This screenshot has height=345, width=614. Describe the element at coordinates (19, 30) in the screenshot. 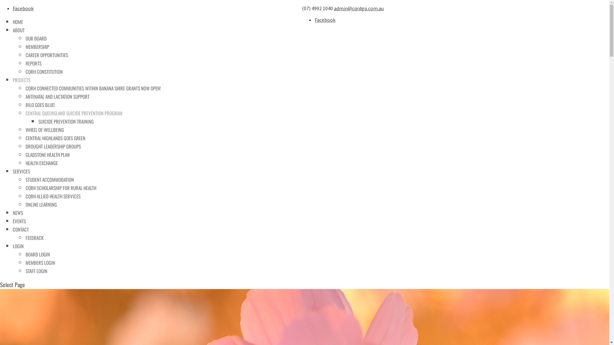

I see `'ABOUT'` at that location.